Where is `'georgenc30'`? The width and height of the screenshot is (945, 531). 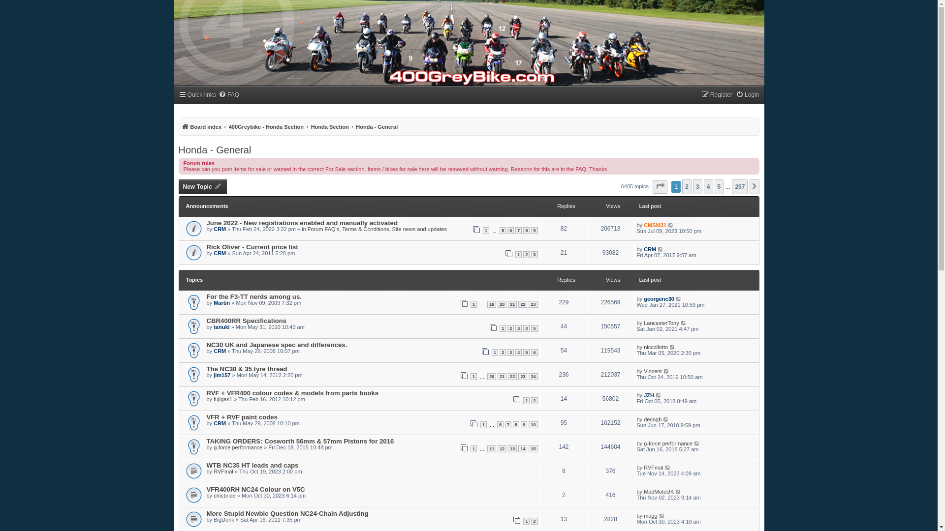
'georgenc30' is located at coordinates (659, 298).